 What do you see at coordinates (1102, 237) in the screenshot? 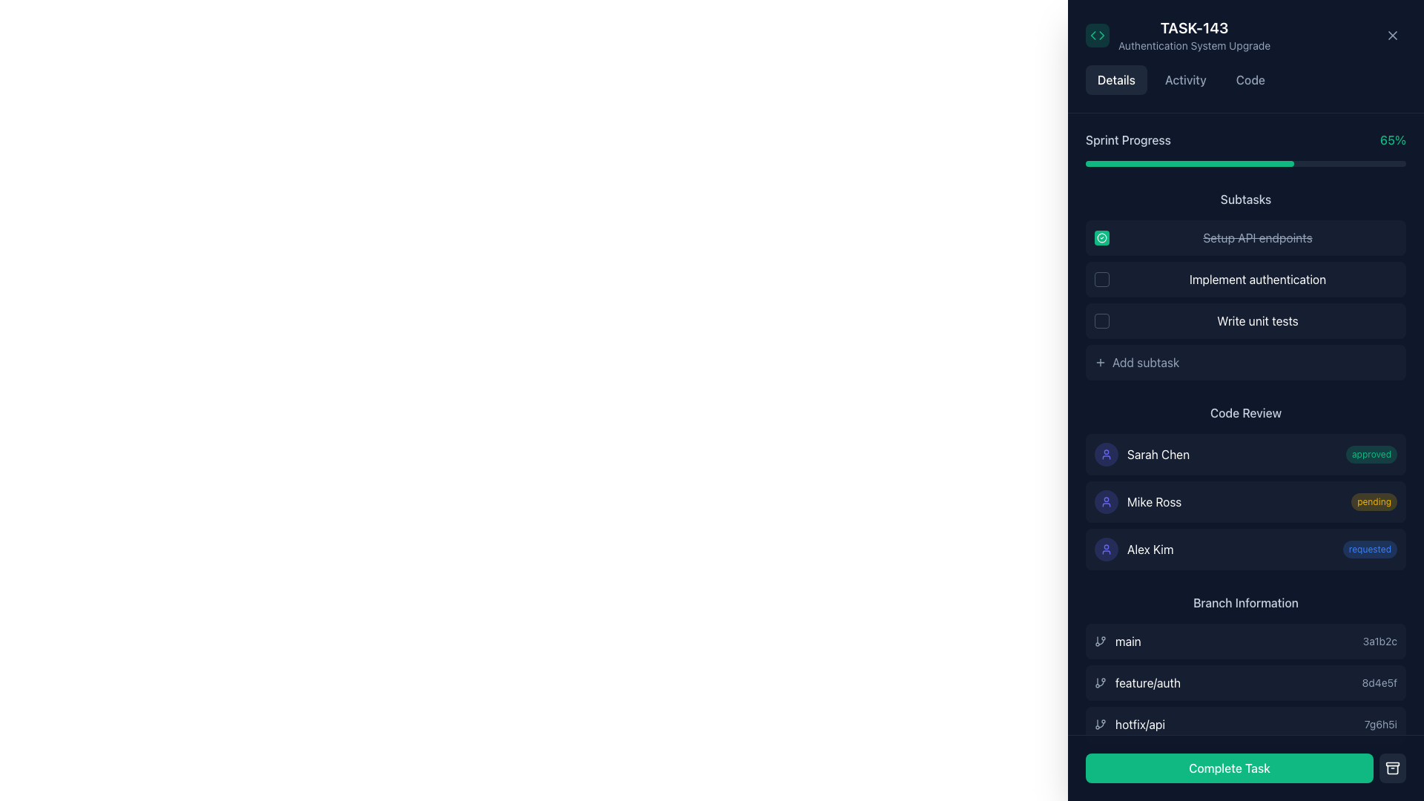
I see `the small circular icon with a green background and a white checkmark in its center, which indicates a completed task, located to the left of the crossed-out text in the 'Setup API endpoints' subtask panel` at bounding box center [1102, 237].